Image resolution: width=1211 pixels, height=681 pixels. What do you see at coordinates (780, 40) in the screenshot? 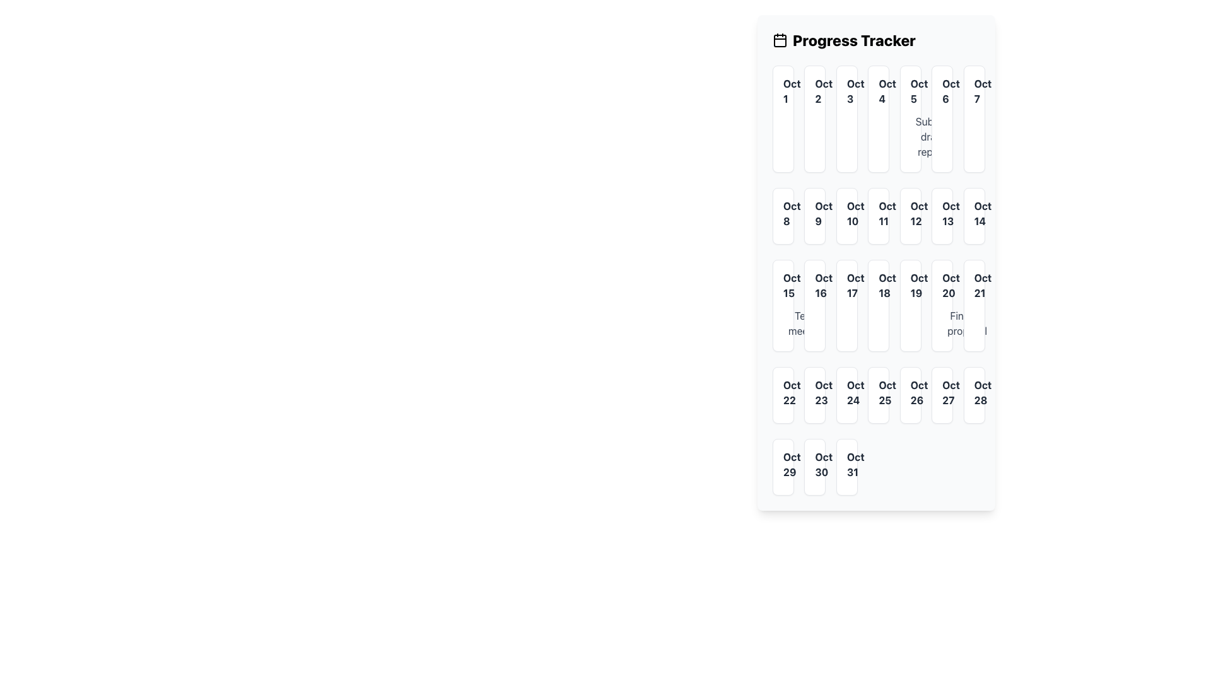
I see `the calendar icon associated with the 'Progress Tracker' heading, which features two vertical stroked lines at the top and a rectangular outline for the calendar body` at bounding box center [780, 40].